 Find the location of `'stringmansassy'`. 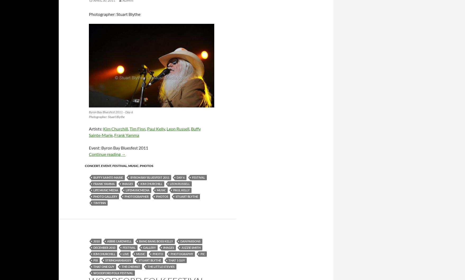

'stringmansassy' is located at coordinates (118, 260).